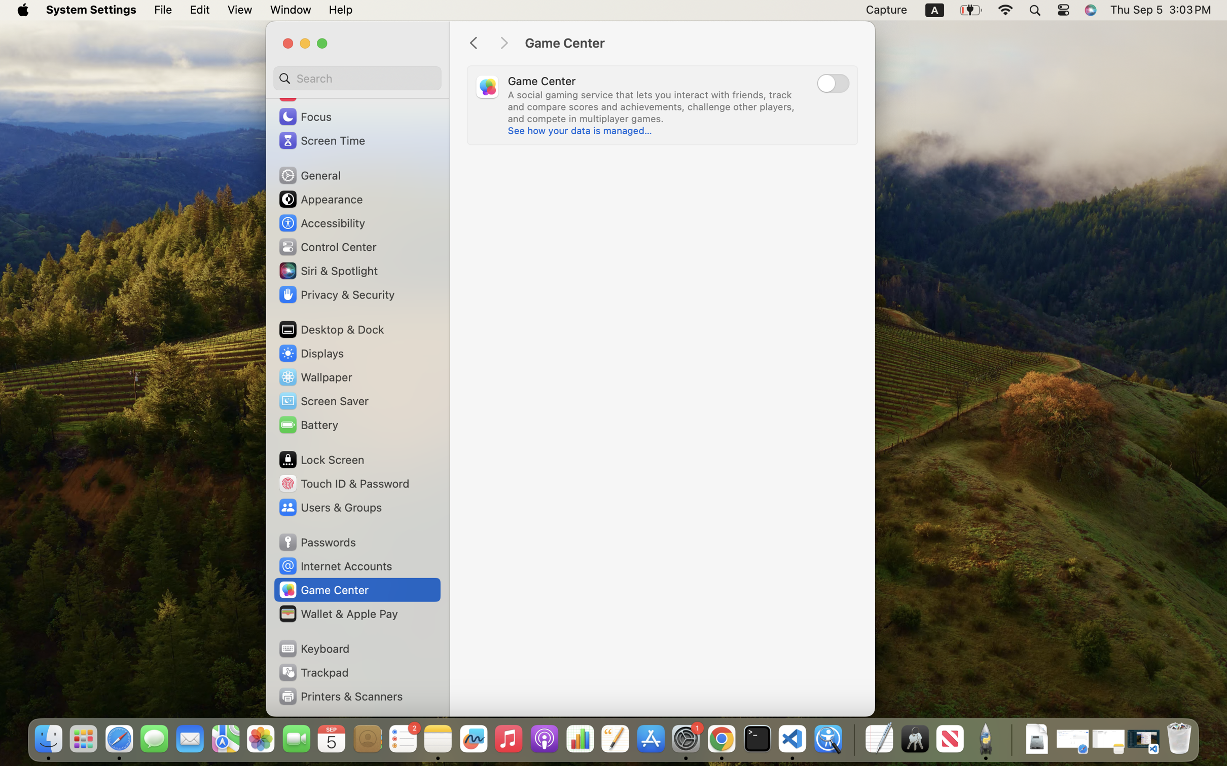 The image size is (1227, 766). Describe the element at coordinates (337, 613) in the screenshot. I see `'Wallet & Apple Pay'` at that location.